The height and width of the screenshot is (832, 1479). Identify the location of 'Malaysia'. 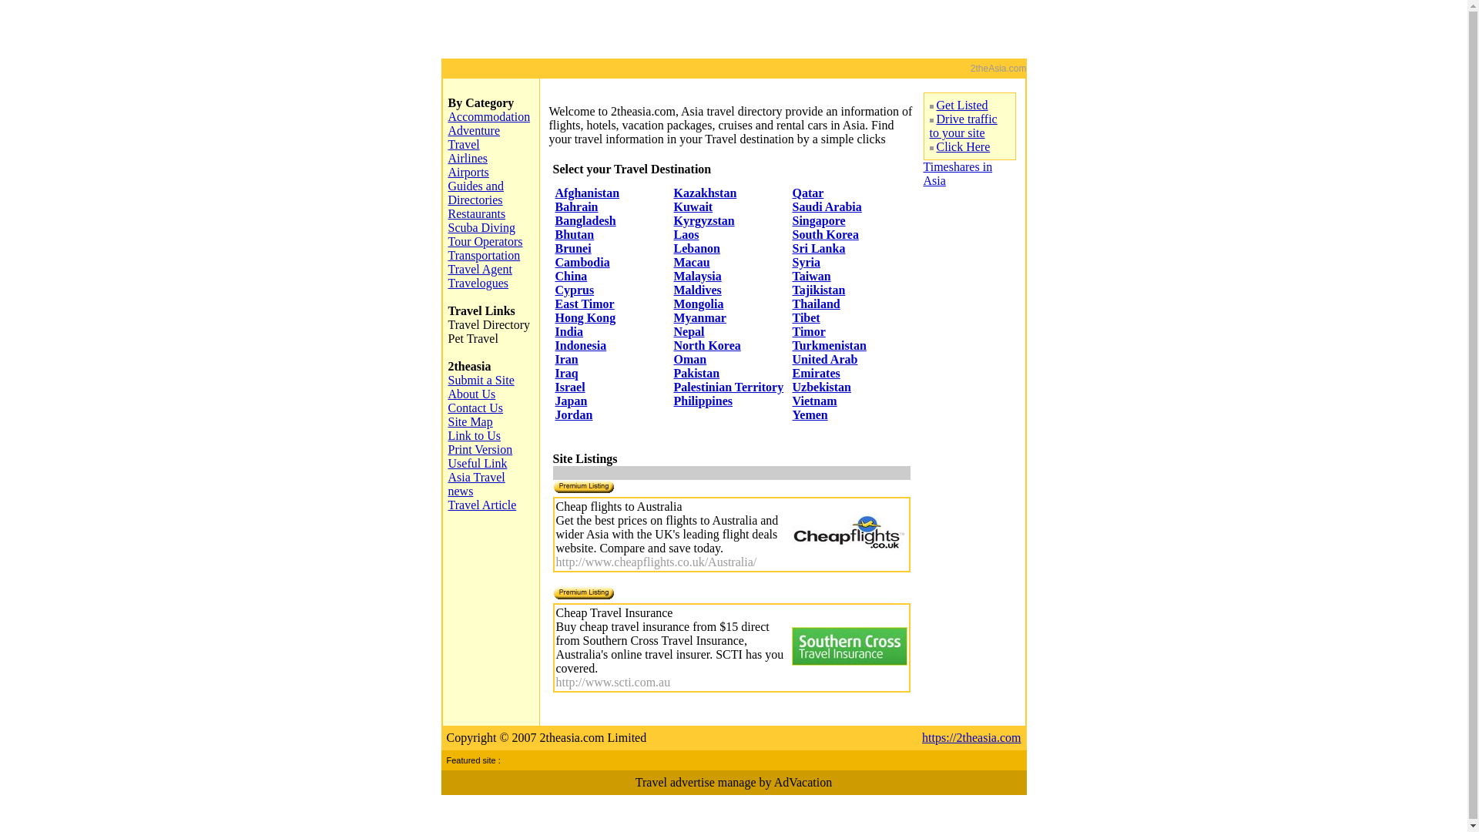
(696, 275).